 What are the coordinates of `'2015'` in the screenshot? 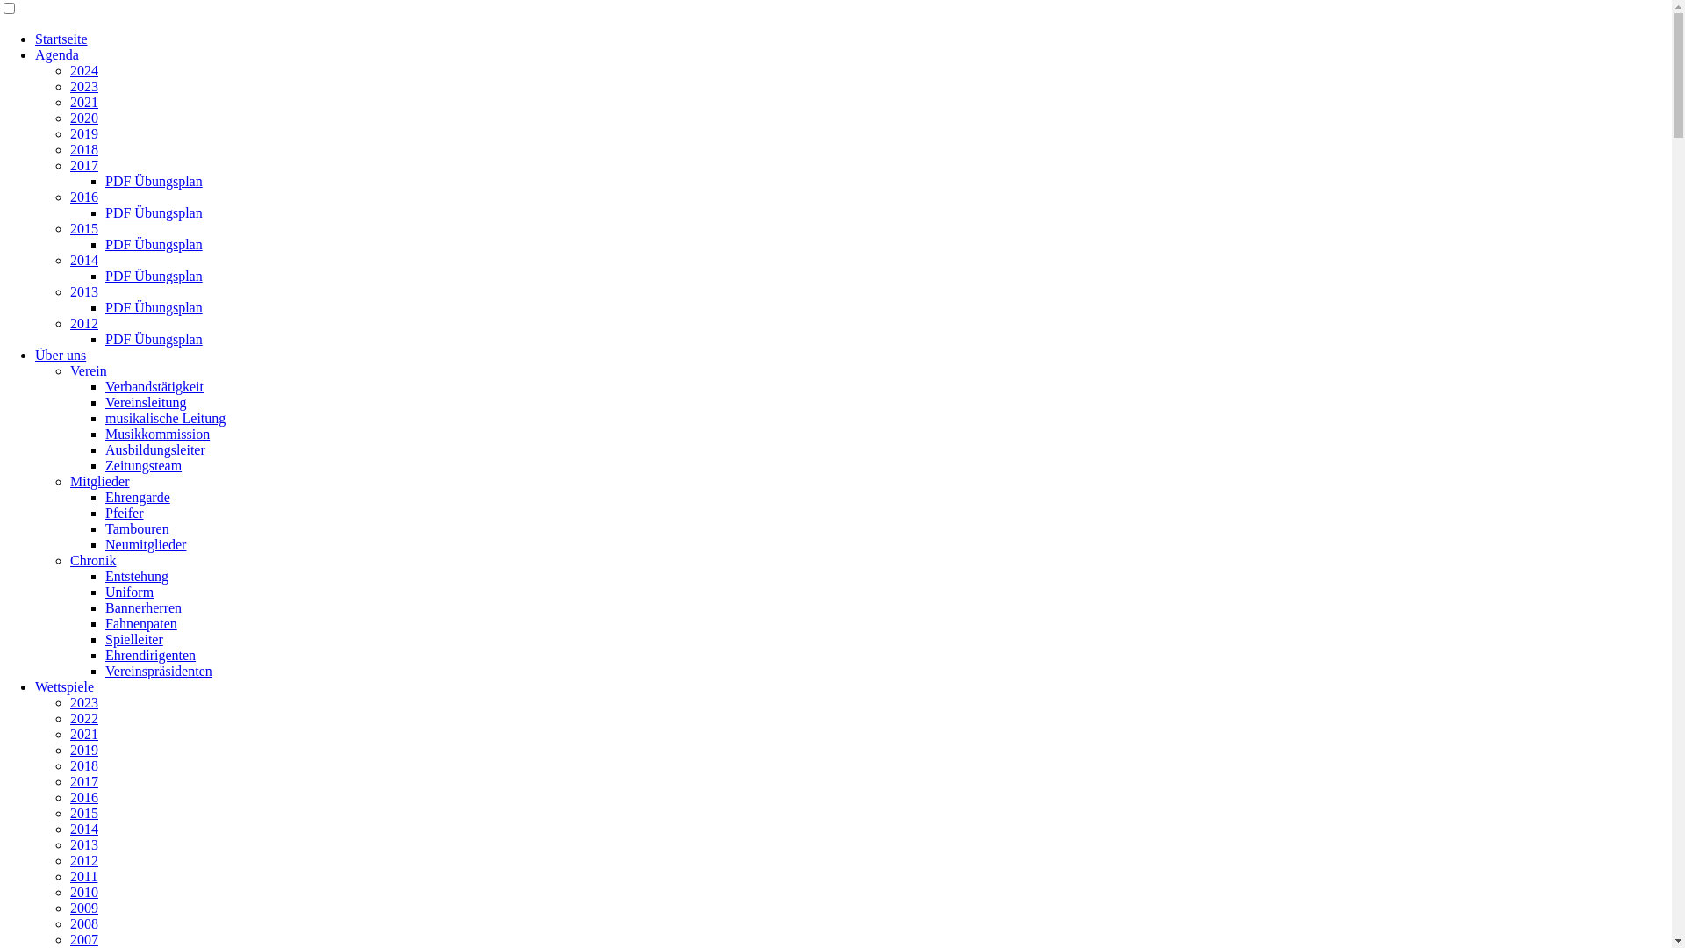 It's located at (70, 227).